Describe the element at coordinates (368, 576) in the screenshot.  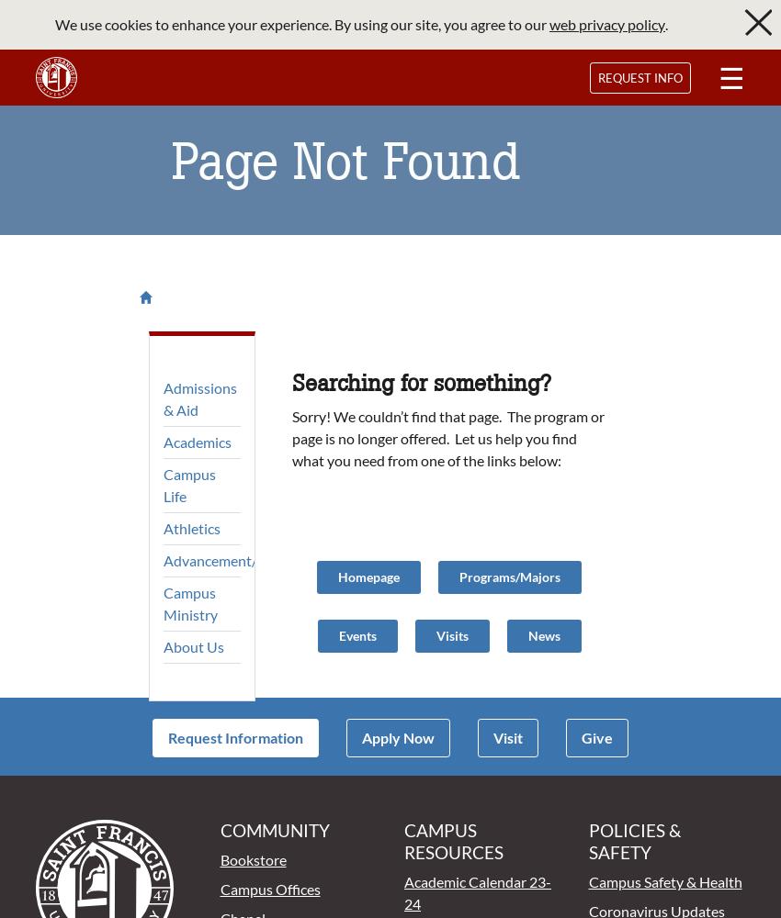
I see `'Homepage'` at that location.